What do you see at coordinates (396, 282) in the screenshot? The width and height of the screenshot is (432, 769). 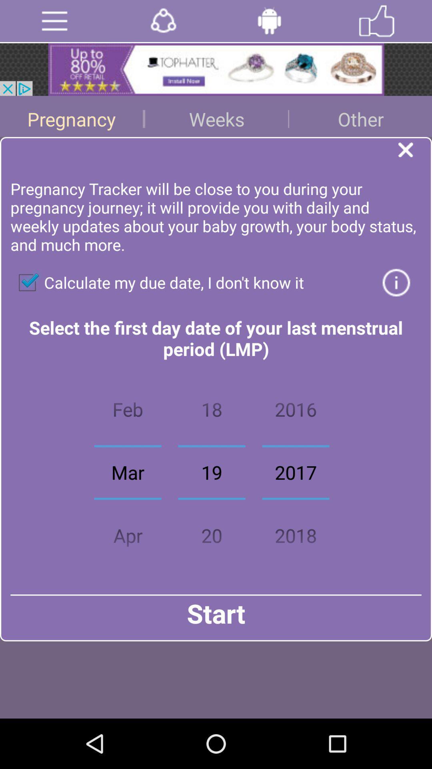 I see `icon button` at bounding box center [396, 282].